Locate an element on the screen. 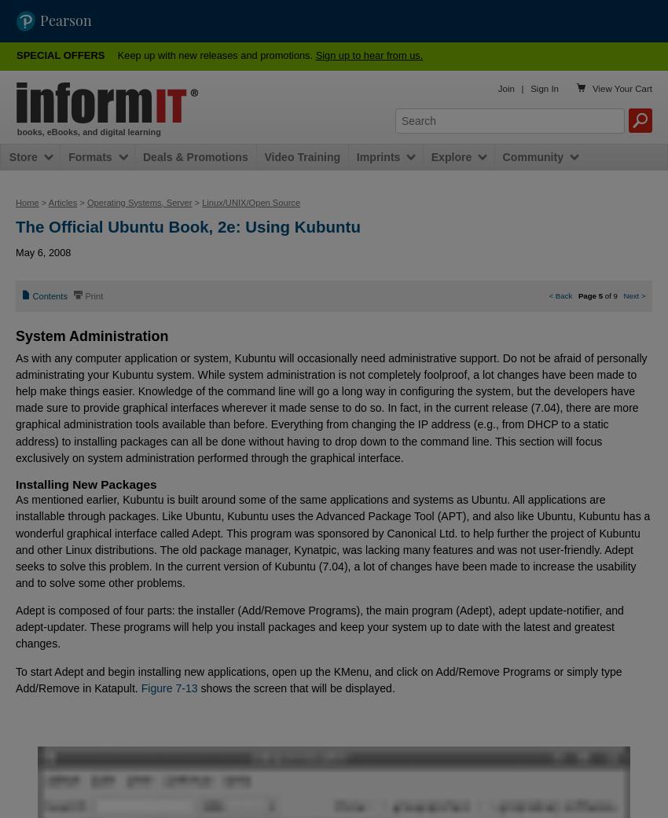 The height and width of the screenshot is (818, 668). 'The Official Ubuntu Book, 2e: Using Kubuntu' is located at coordinates (14, 226).